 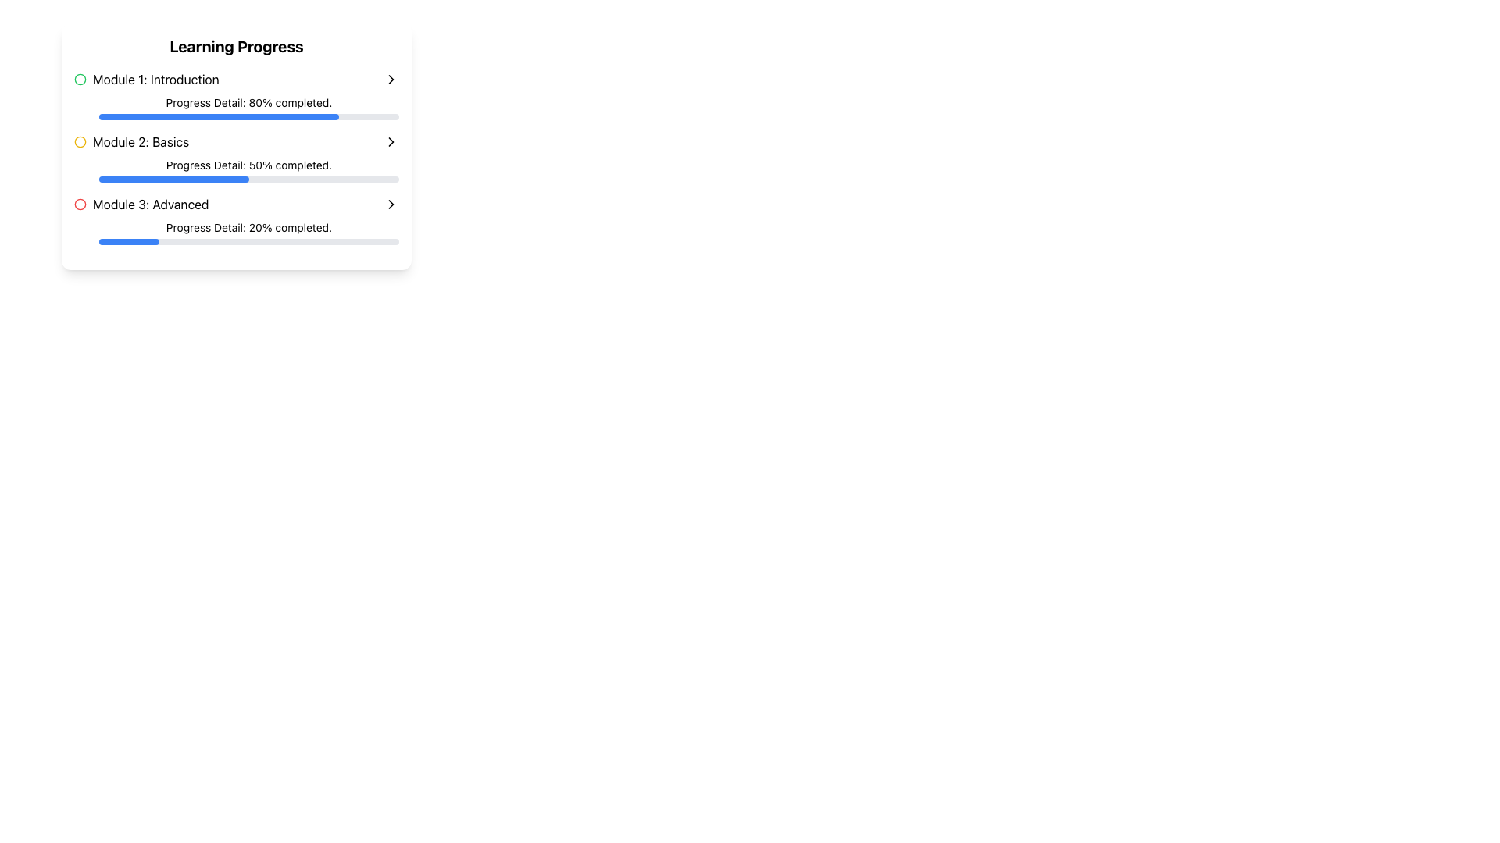 I want to click on the Text Label that displays the title of a module in the learning progress interface, which is the third item in the vertical list labeled 'Learning Progress', so click(x=141, y=204).